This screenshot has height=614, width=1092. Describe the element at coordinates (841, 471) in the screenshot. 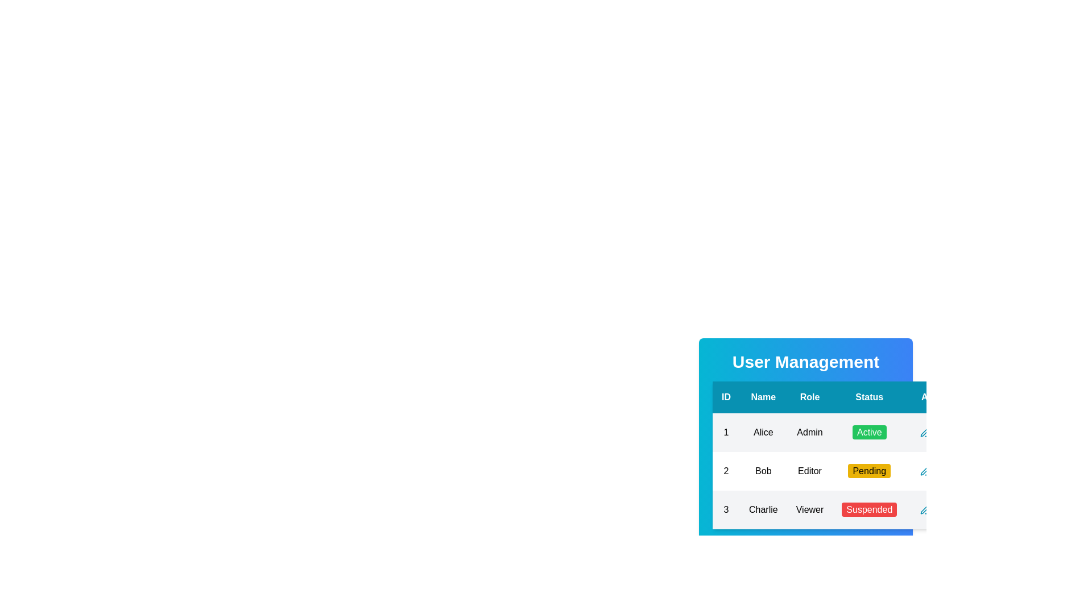

I see `the second data row in the user management table that contains ID '2', Name 'Bob', Role 'Editor', and Status 'Pending'` at that location.